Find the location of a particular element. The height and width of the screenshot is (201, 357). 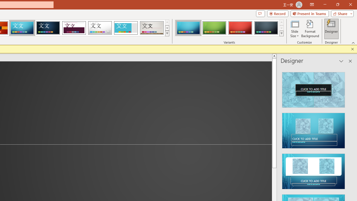

'Close this message' is located at coordinates (352, 49).